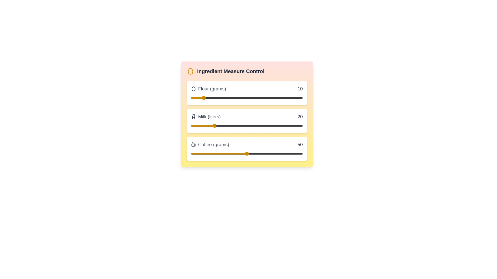  Describe the element at coordinates (209, 98) in the screenshot. I see `ingredient measurement` at that location.